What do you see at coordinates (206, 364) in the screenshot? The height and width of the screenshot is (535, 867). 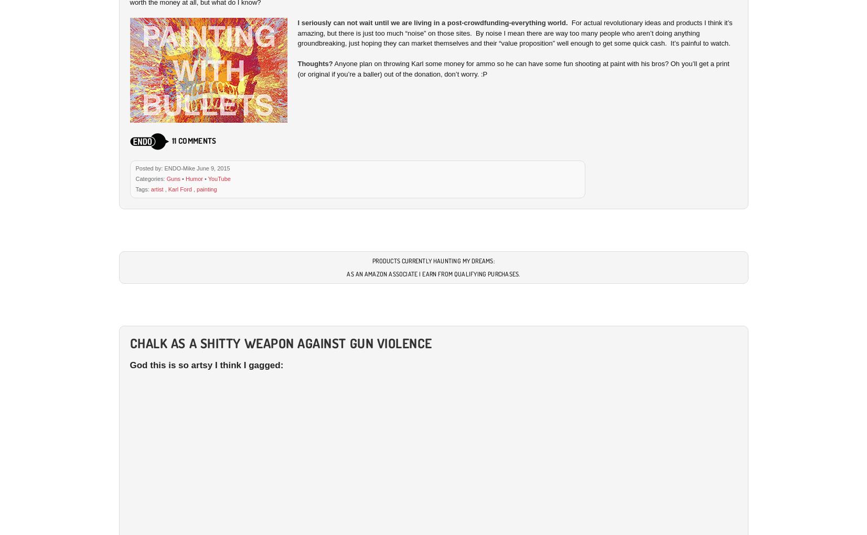 I see `'God this is so artsy I think I gagged:'` at bounding box center [206, 364].